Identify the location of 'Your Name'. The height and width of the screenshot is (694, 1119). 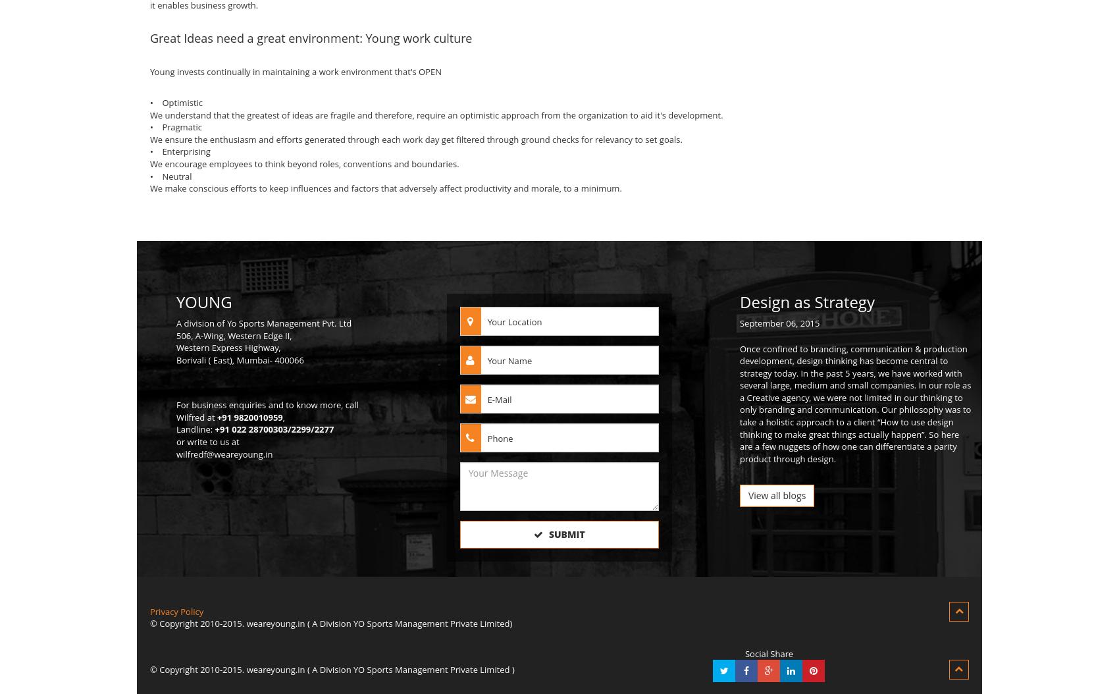
(509, 360).